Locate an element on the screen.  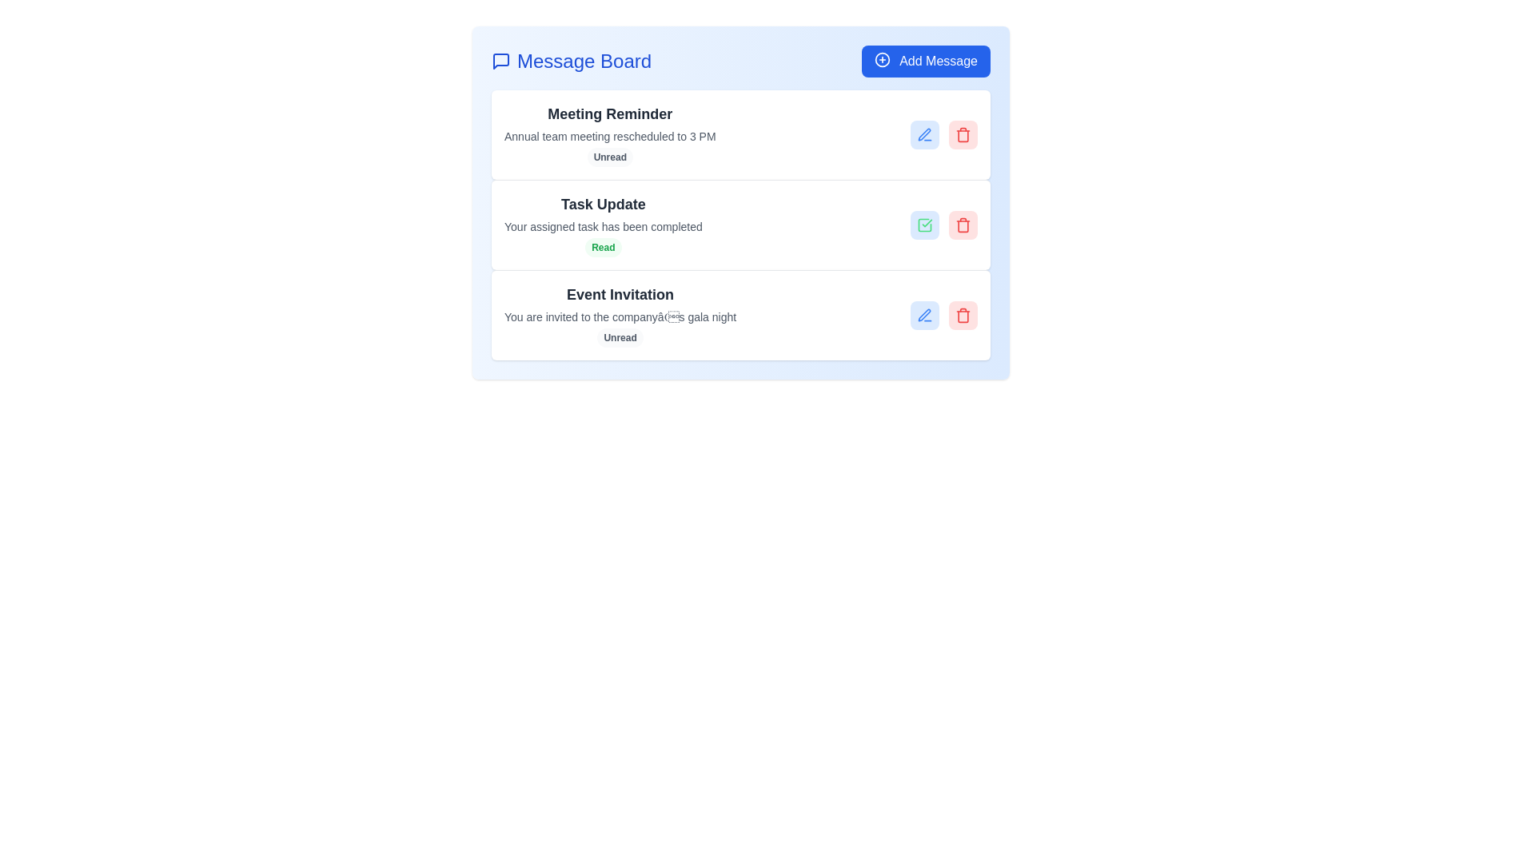
the TextLabel that serves as the title for the 'Message Board' section, positioned to the left of the blue button labeled 'Add Message' is located at coordinates (572, 61).